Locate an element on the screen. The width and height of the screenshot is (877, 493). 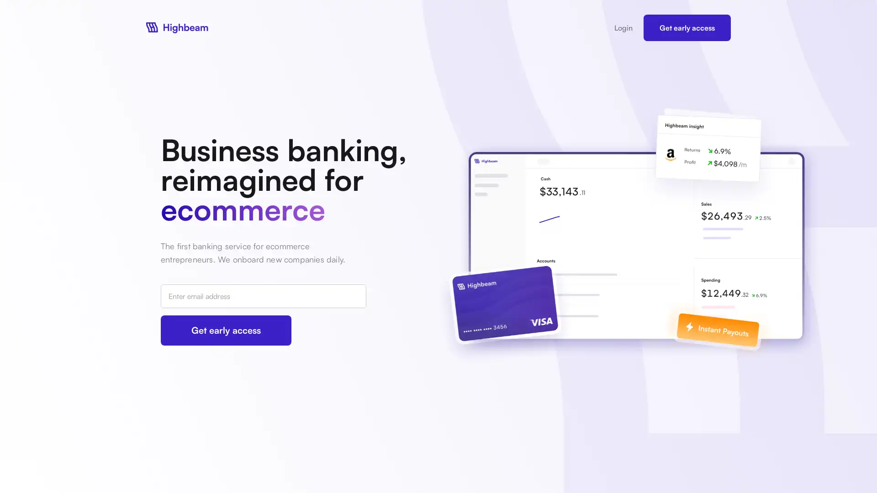
Get early access is located at coordinates (226, 330).